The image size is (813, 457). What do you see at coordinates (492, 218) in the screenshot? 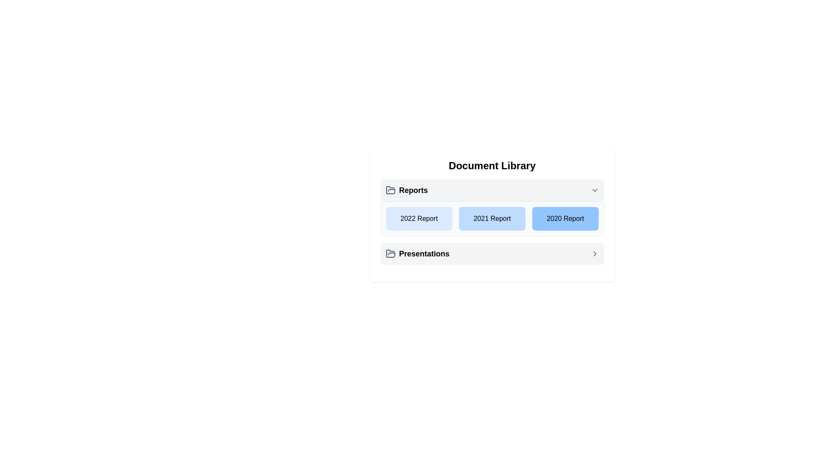
I see `the group of buttons located in the middle section under the 'Reports' category` at bounding box center [492, 218].